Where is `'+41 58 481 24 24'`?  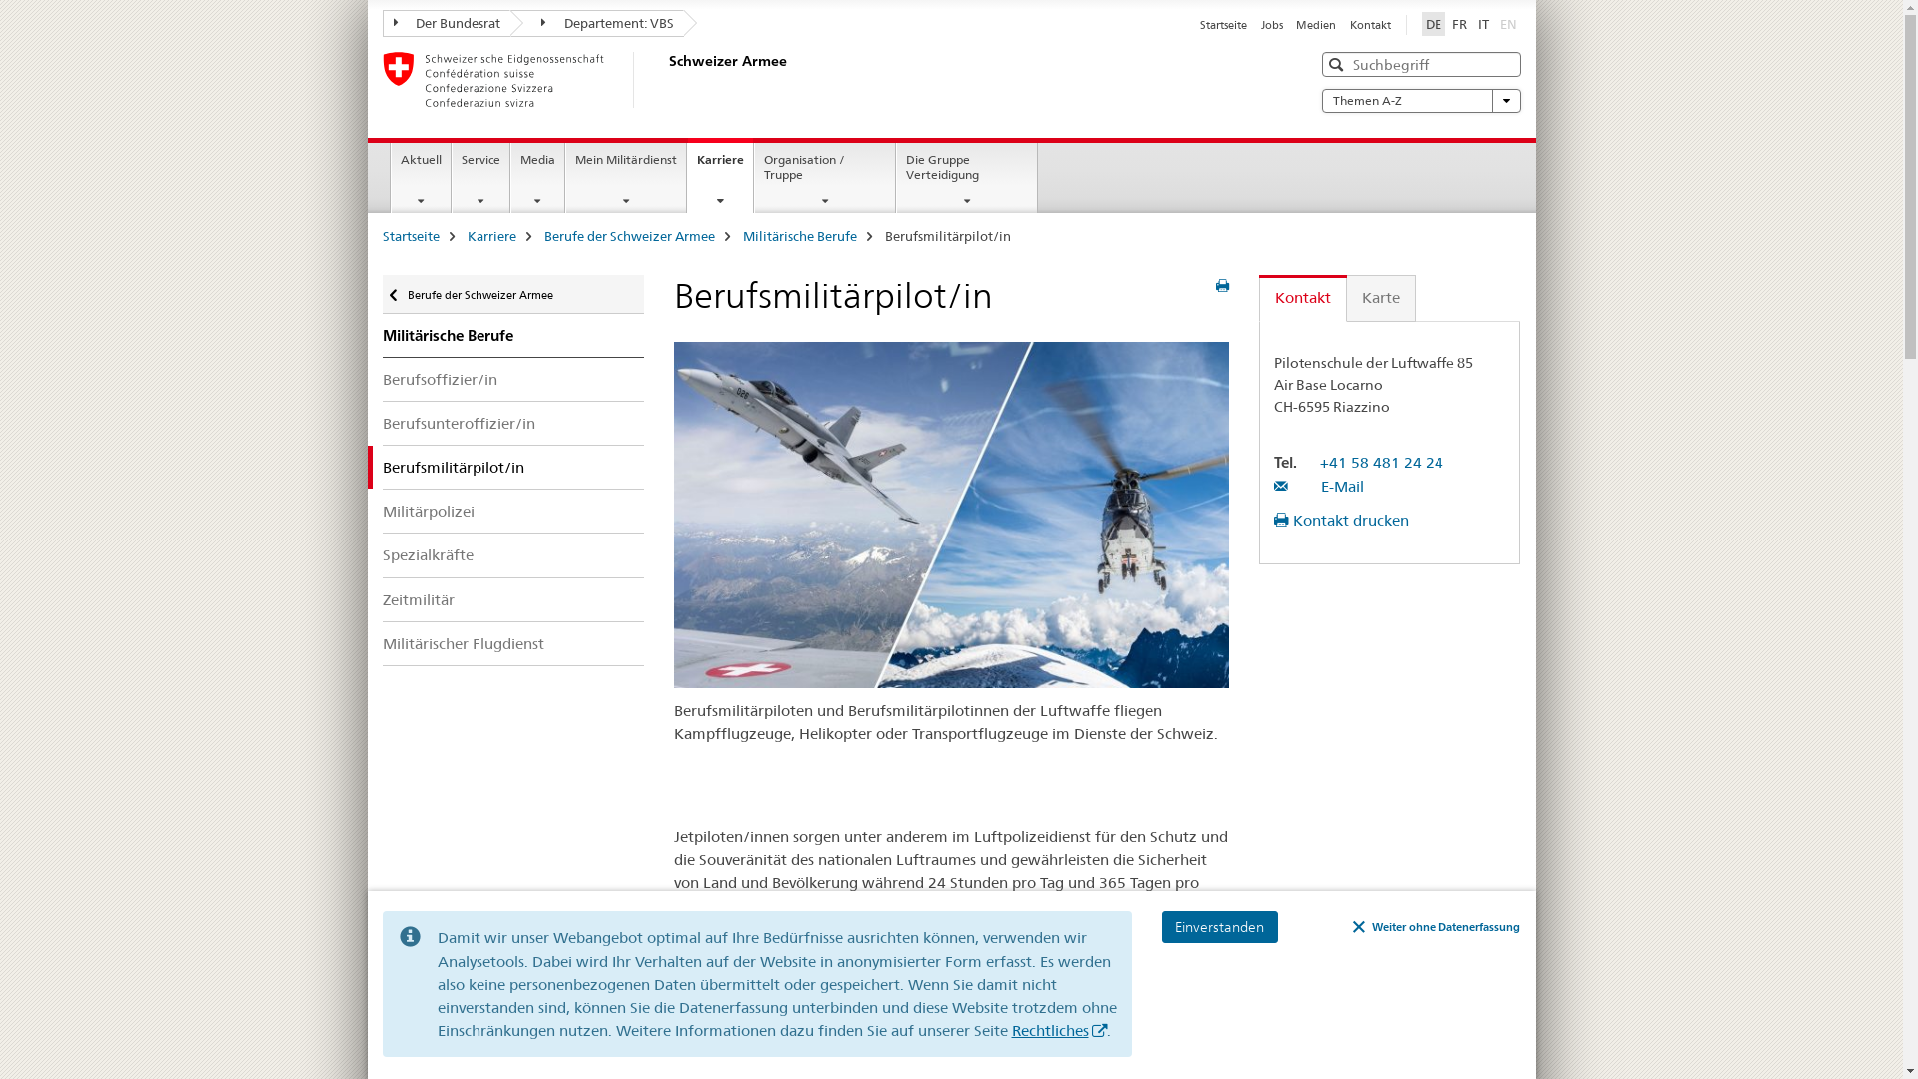
'+41 58 481 24 24' is located at coordinates (1380, 462).